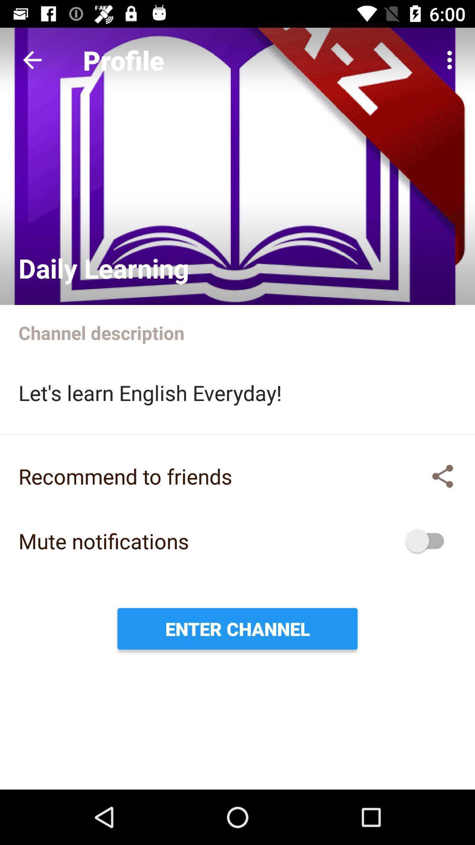  What do you see at coordinates (237, 628) in the screenshot?
I see `item below mute notifications icon` at bounding box center [237, 628].